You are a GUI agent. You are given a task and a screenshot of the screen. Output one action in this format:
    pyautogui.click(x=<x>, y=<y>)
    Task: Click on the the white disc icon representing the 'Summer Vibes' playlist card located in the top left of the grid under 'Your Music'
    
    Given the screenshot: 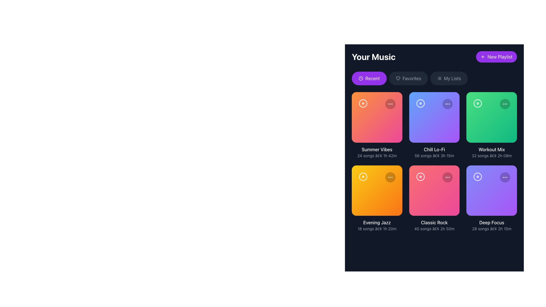 What is the action you would take?
    pyautogui.click(x=363, y=103)
    